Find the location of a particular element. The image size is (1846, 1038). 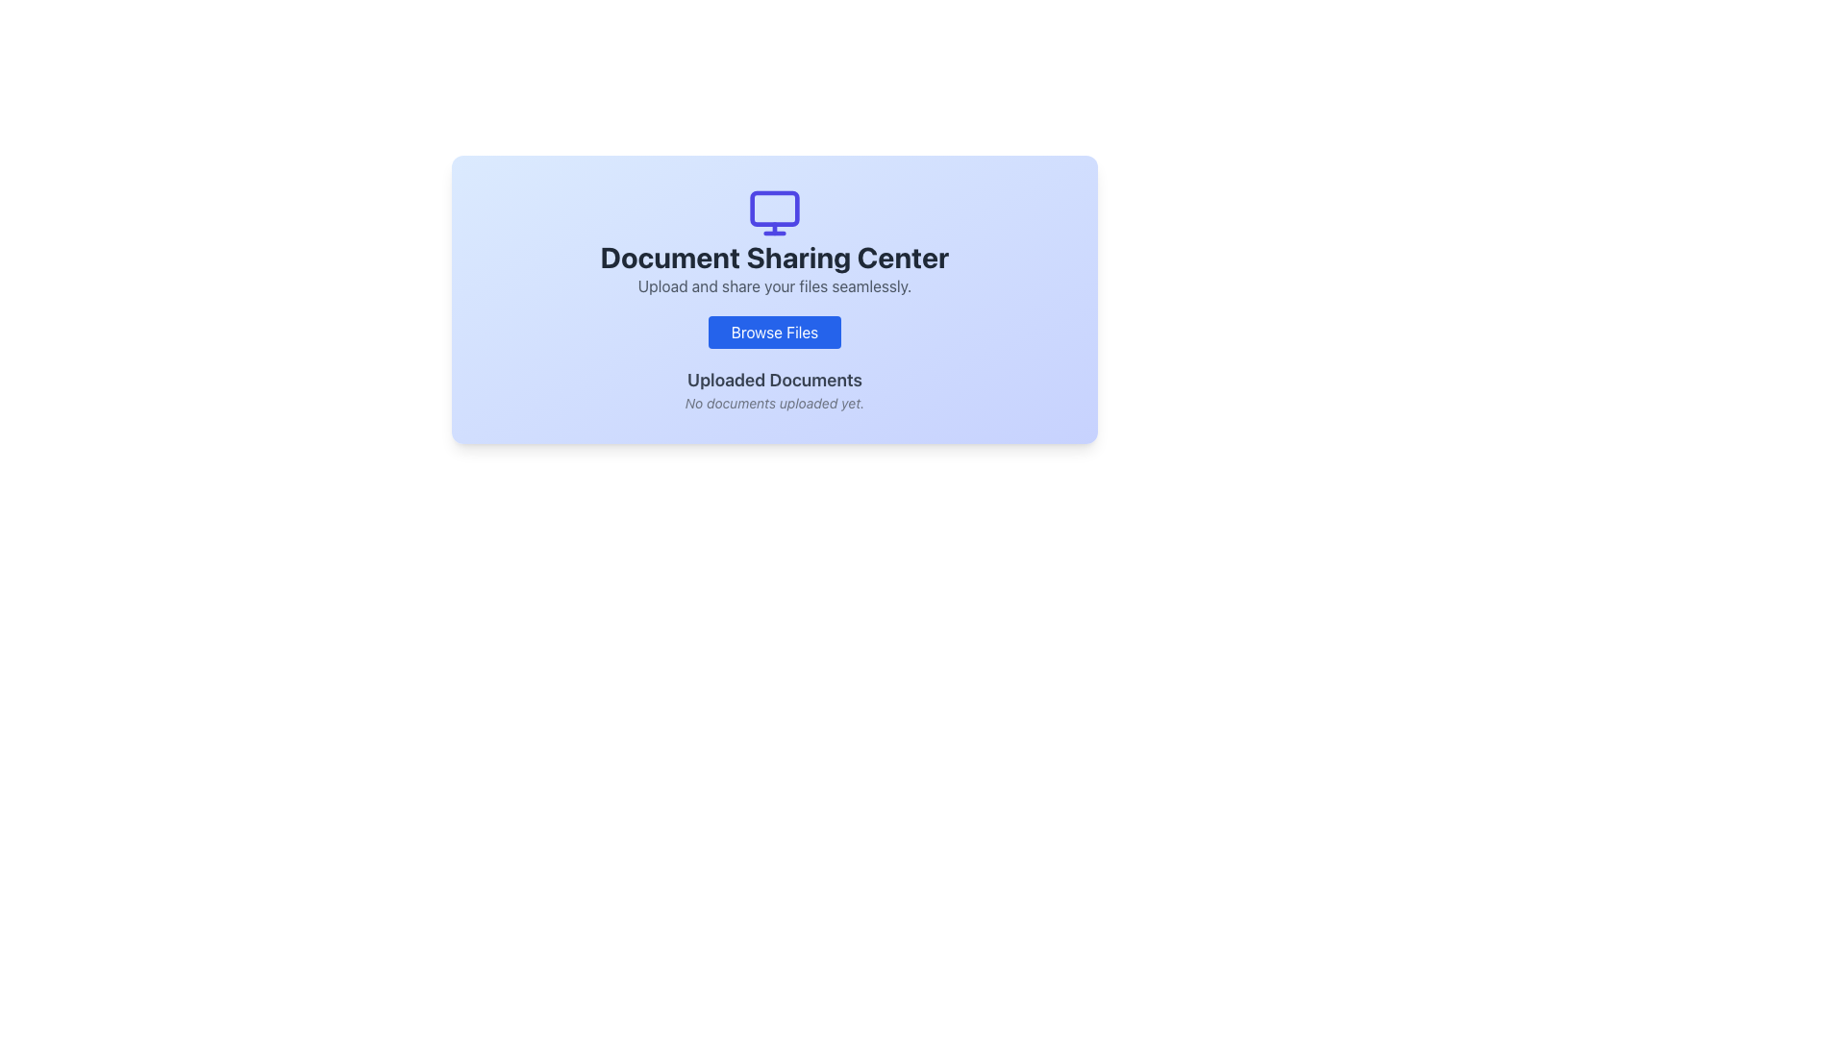

the decorative graphic element that enhances the representation of a computer monitor, located at the top of the card, centrally aligned within the monitor's outline is located at coordinates (775, 208).